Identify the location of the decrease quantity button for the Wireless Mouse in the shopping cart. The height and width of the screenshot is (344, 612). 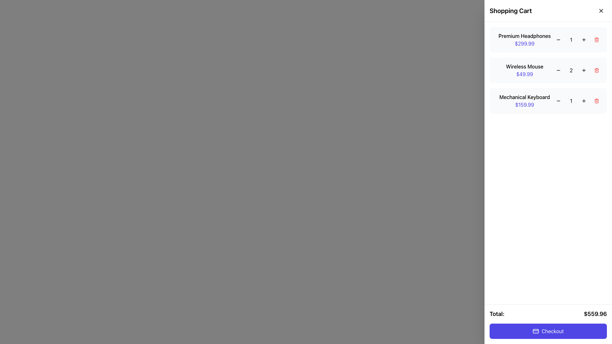
(558, 70).